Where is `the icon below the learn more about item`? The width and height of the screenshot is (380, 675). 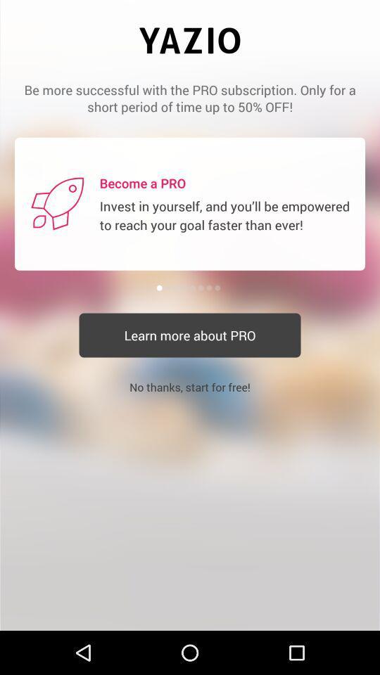 the icon below the learn more about item is located at coordinates (190, 387).